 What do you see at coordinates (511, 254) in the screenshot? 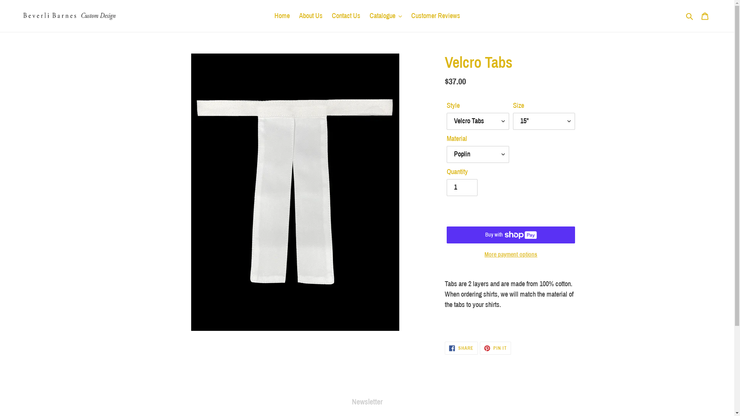
I see `'More payment options'` at bounding box center [511, 254].